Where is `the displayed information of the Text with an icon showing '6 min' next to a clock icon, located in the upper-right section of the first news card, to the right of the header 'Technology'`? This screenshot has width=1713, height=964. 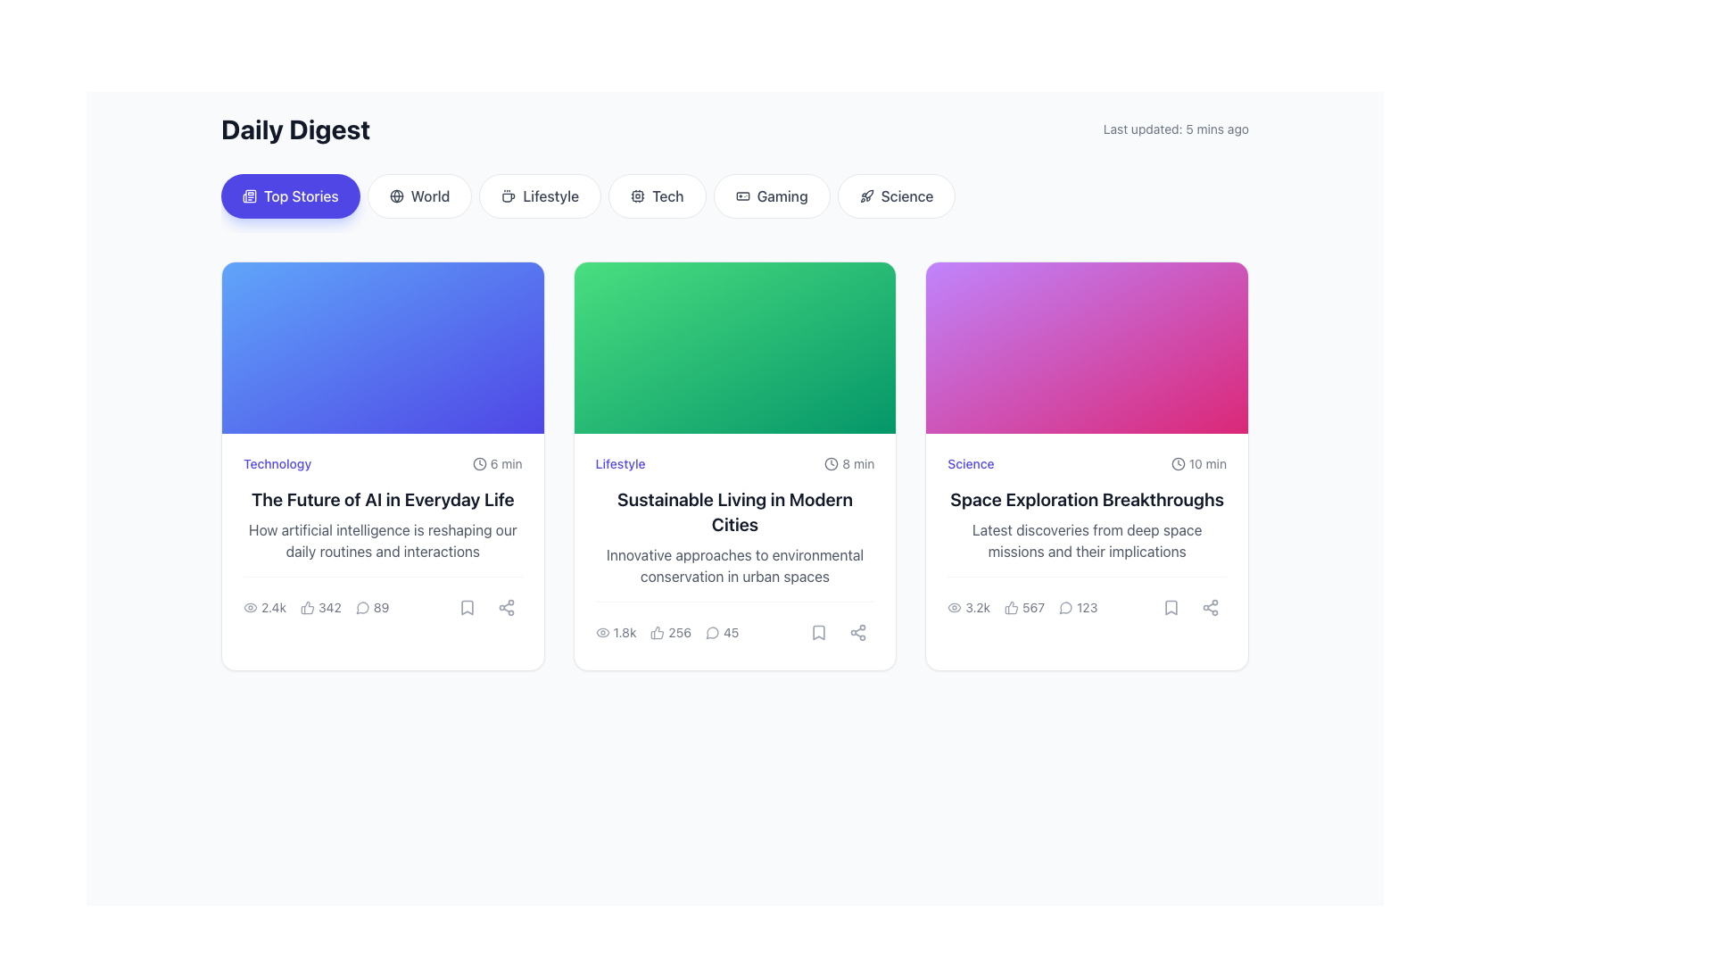
the displayed information of the Text with an icon showing '6 min' next to a clock icon, located in the upper-right section of the first news card, to the right of the header 'Technology' is located at coordinates (497, 463).